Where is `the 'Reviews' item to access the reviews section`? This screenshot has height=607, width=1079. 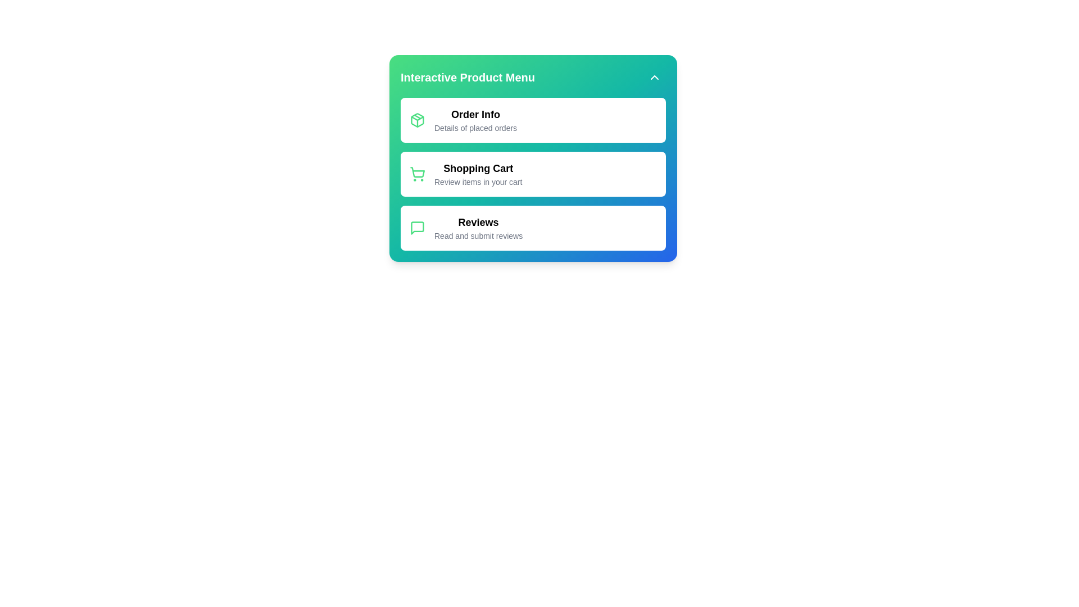 the 'Reviews' item to access the reviews section is located at coordinates (478, 228).